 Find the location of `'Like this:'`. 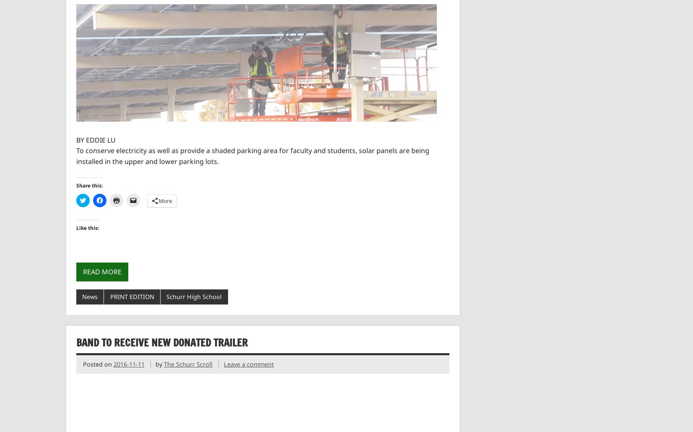

'Like this:' is located at coordinates (86, 228).